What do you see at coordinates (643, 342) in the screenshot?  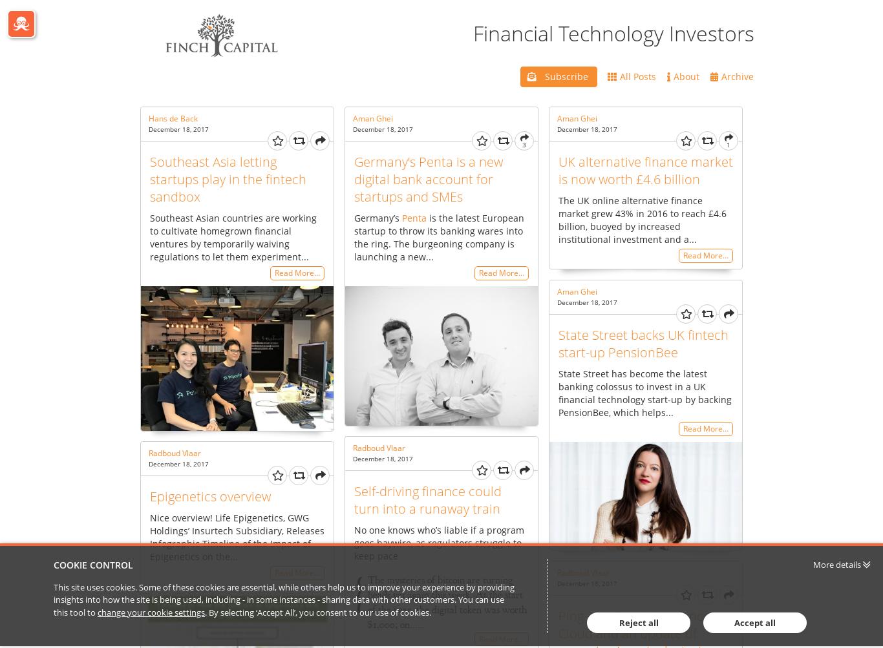 I see `'State Street backs UK fintech start-up PensionBee'` at bounding box center [643, 342].